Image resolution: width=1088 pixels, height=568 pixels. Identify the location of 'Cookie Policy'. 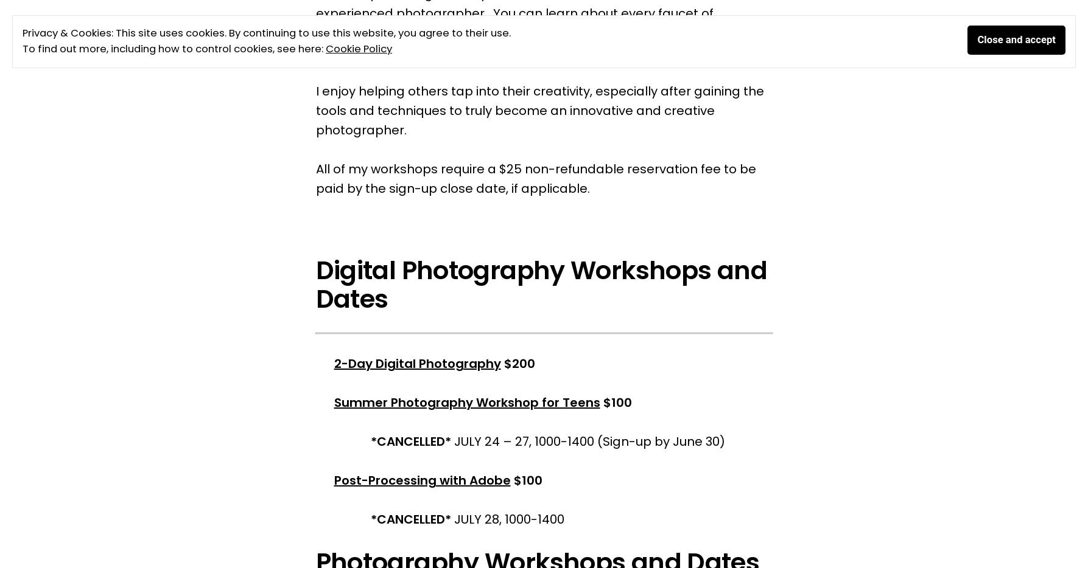
(358, 49).